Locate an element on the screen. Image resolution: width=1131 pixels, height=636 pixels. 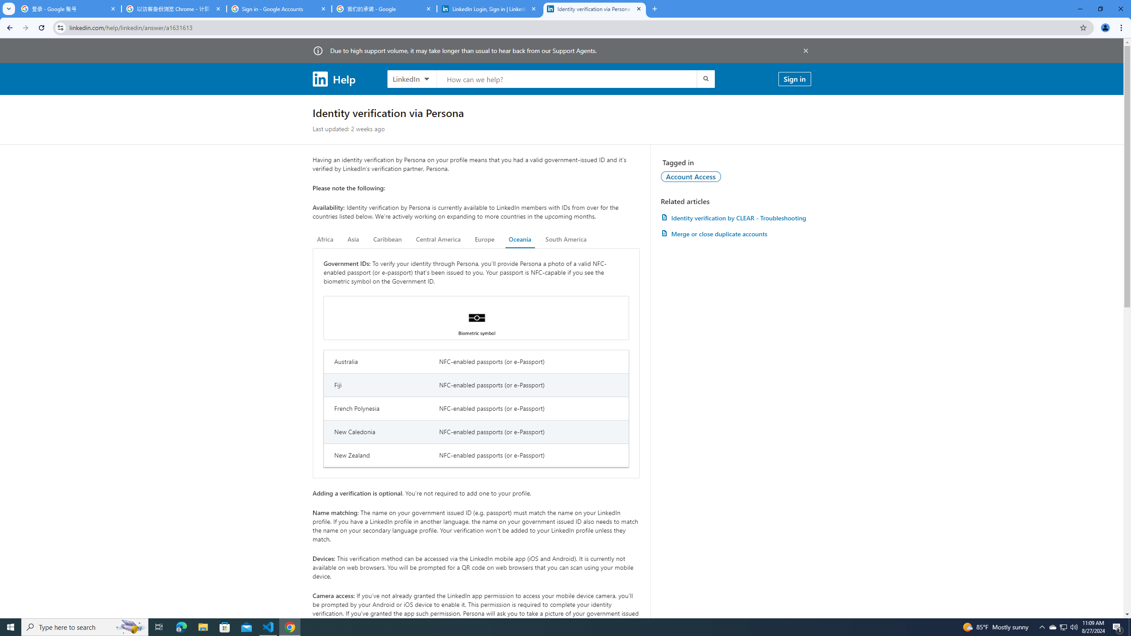
'Identity verification via Persona | LinkedIn Help' is located at coordinates (594, 8).